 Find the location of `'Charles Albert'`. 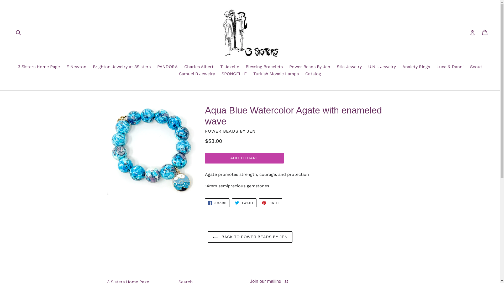

'Charles Albert' is located at coordinates (199, 67).